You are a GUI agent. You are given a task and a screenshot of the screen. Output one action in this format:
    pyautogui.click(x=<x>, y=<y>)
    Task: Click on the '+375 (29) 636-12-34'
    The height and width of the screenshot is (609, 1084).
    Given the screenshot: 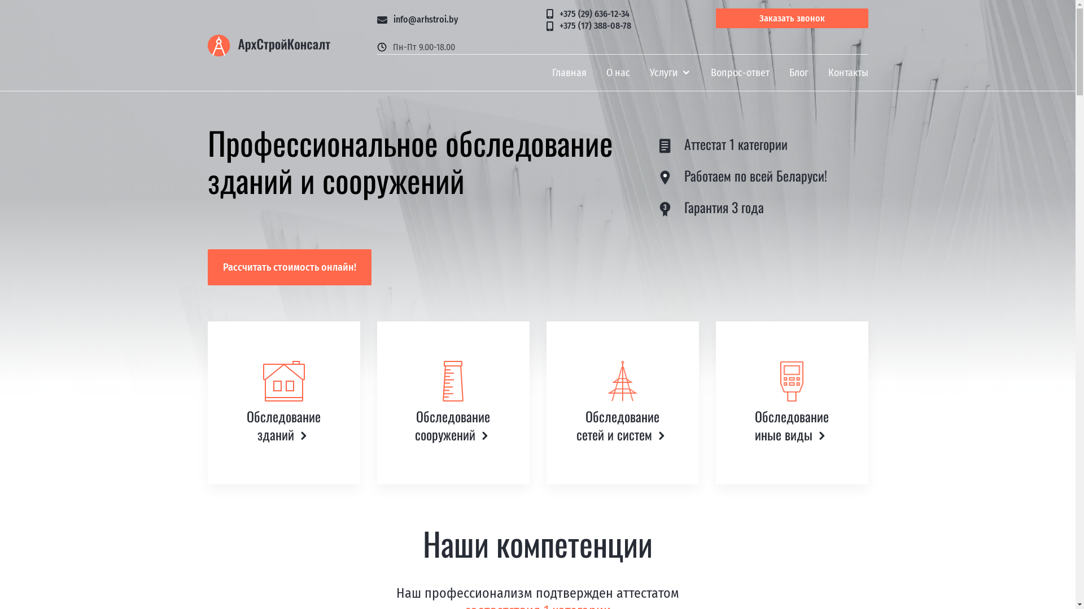 What is the action you would take?
    pyautogui.click(x=622, y=15)
    